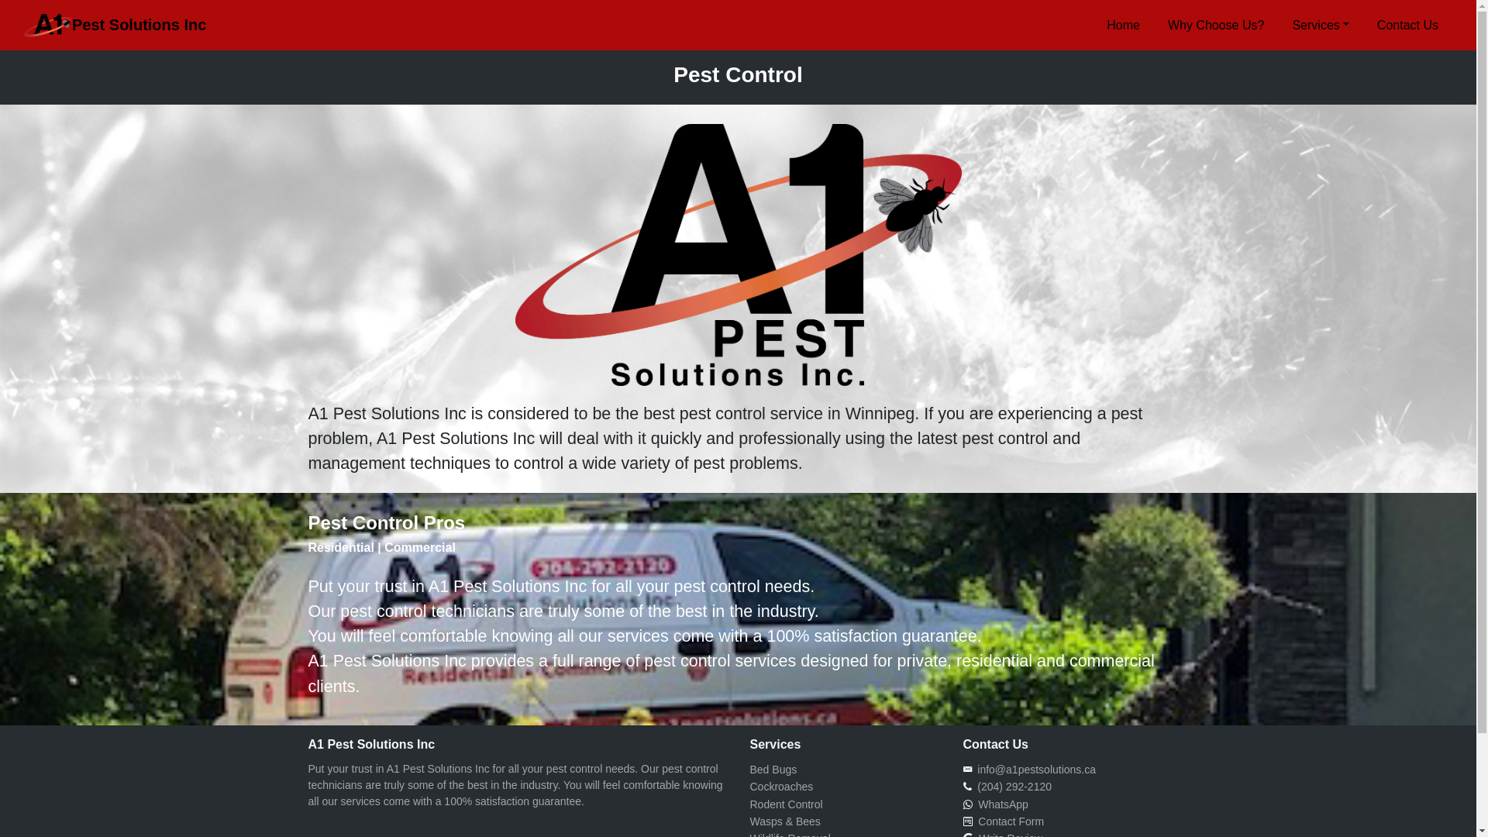 This screenshot has width=1488, height=837. What do you see at coordinates (1034, 769) in the screenshot?
I see `'  info@a1pestsolutions.ca'` at bounding box center [1034, 769].